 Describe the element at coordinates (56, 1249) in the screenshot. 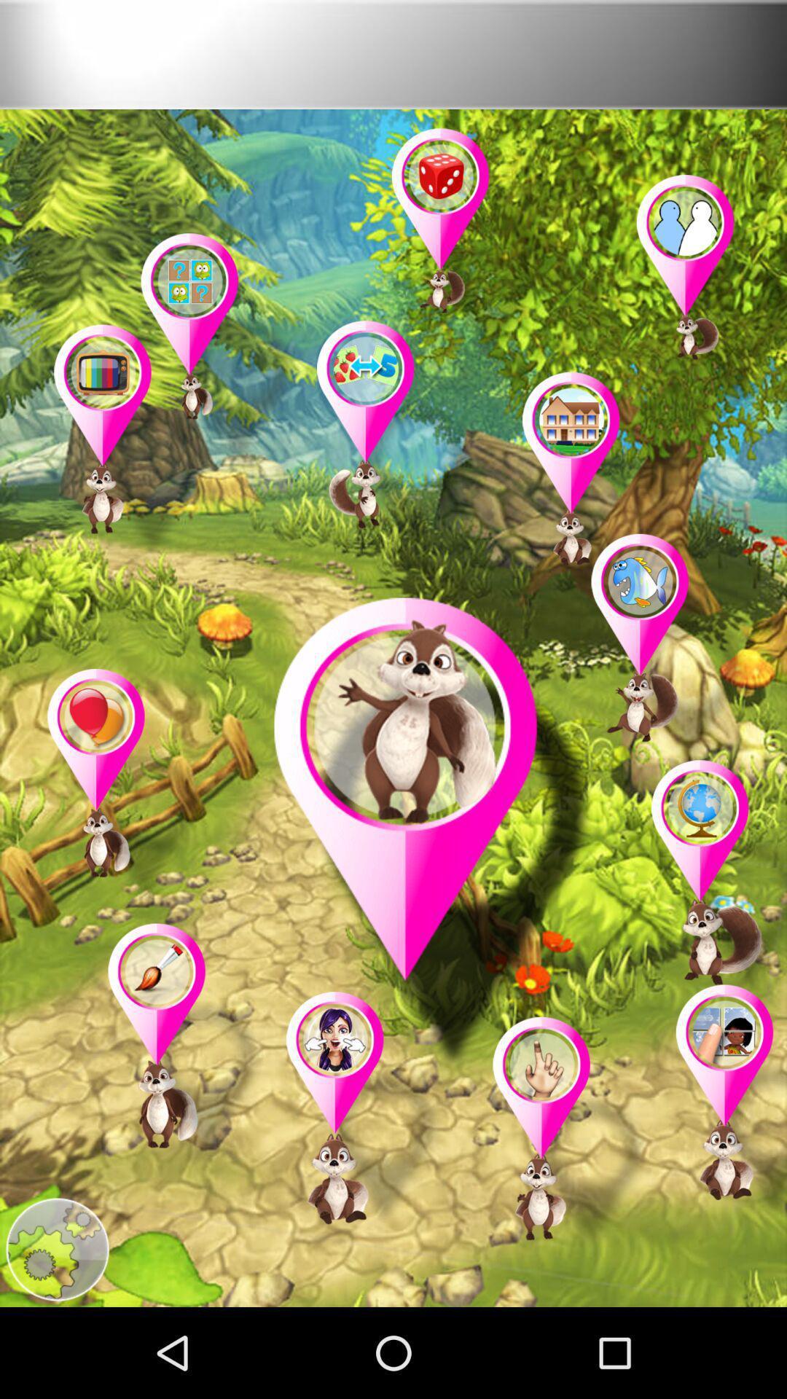

I see `search` at that location.